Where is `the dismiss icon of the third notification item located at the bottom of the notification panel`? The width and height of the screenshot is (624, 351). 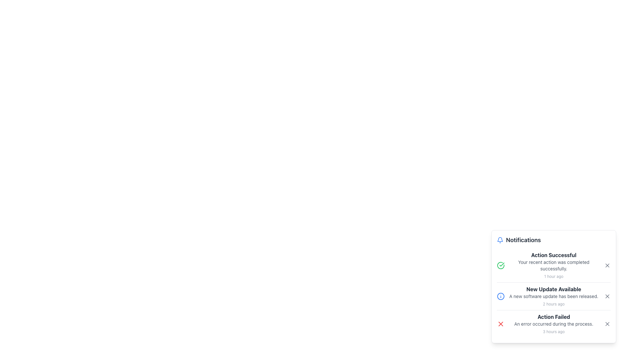
the dismiss icon of the third notification item located at the bottom of the notification panel is located at coordinates (553, 324).